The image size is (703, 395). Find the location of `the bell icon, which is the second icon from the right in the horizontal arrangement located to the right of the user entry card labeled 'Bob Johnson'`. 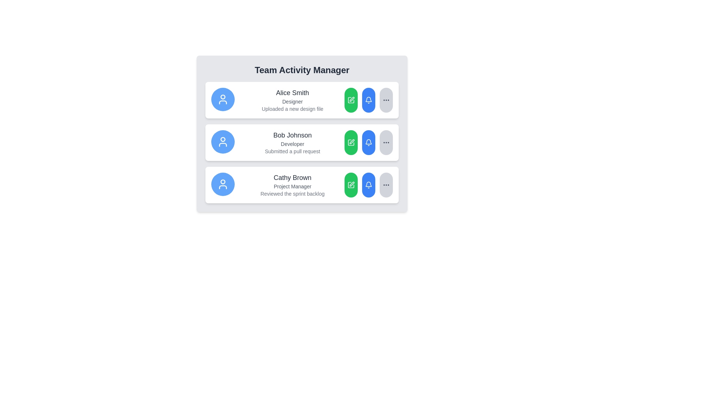

the bell icon, which is the second icon from the right in the horizontal arrangement located to the right of the user entry card labeled 'Bob Johnson' is located at coordinates (369, 142).